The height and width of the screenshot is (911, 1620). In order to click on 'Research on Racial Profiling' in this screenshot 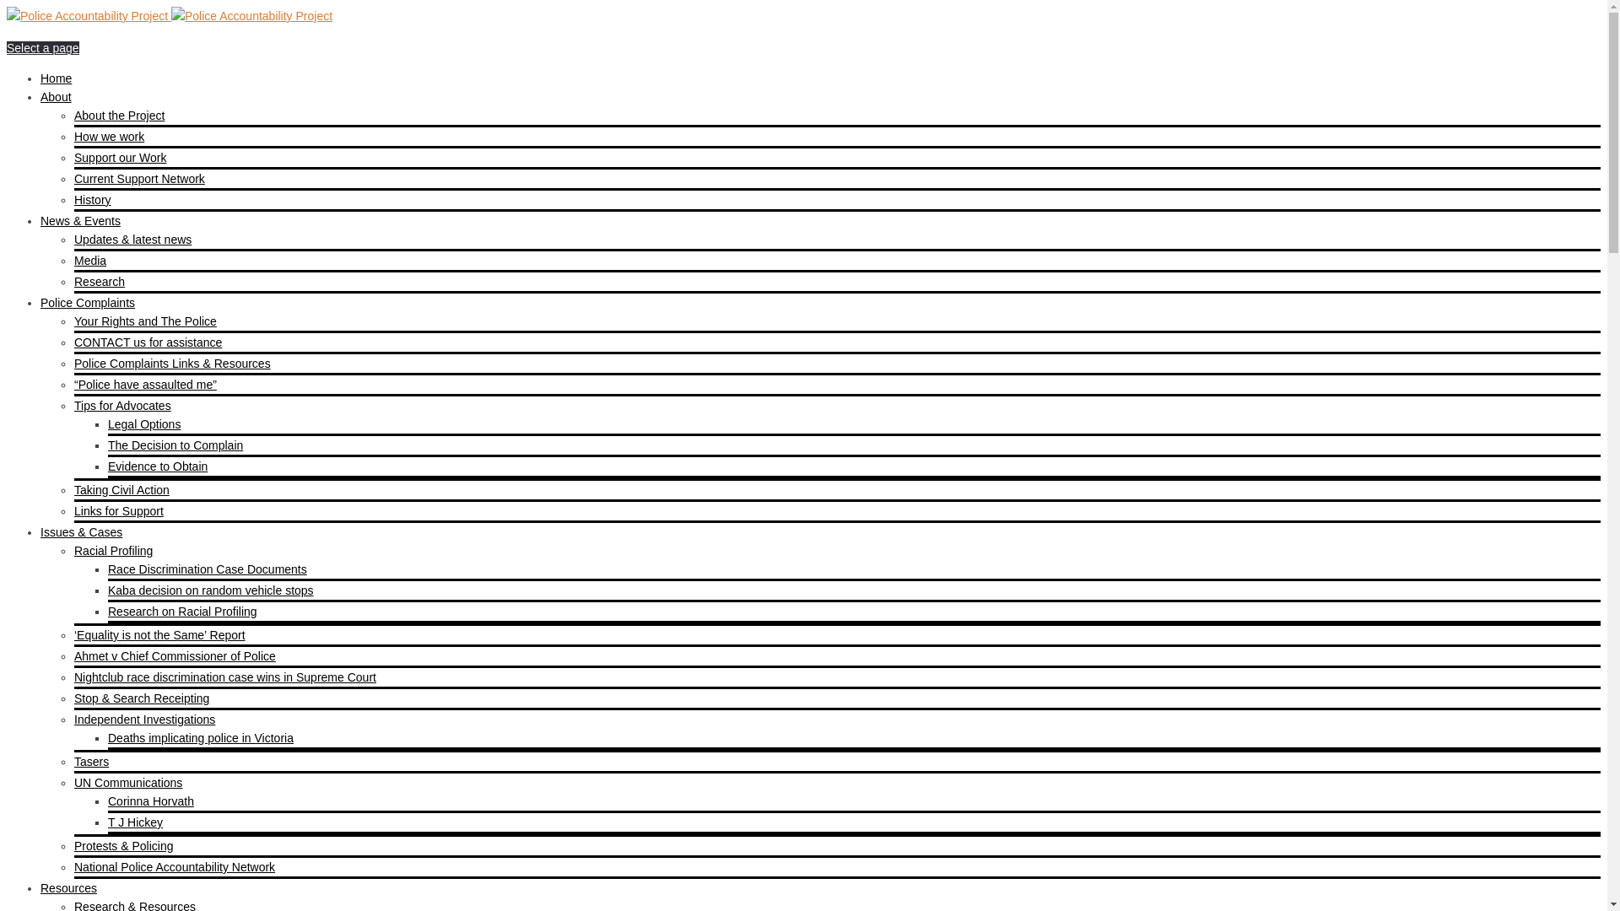, I will do `click(182, 612)`.